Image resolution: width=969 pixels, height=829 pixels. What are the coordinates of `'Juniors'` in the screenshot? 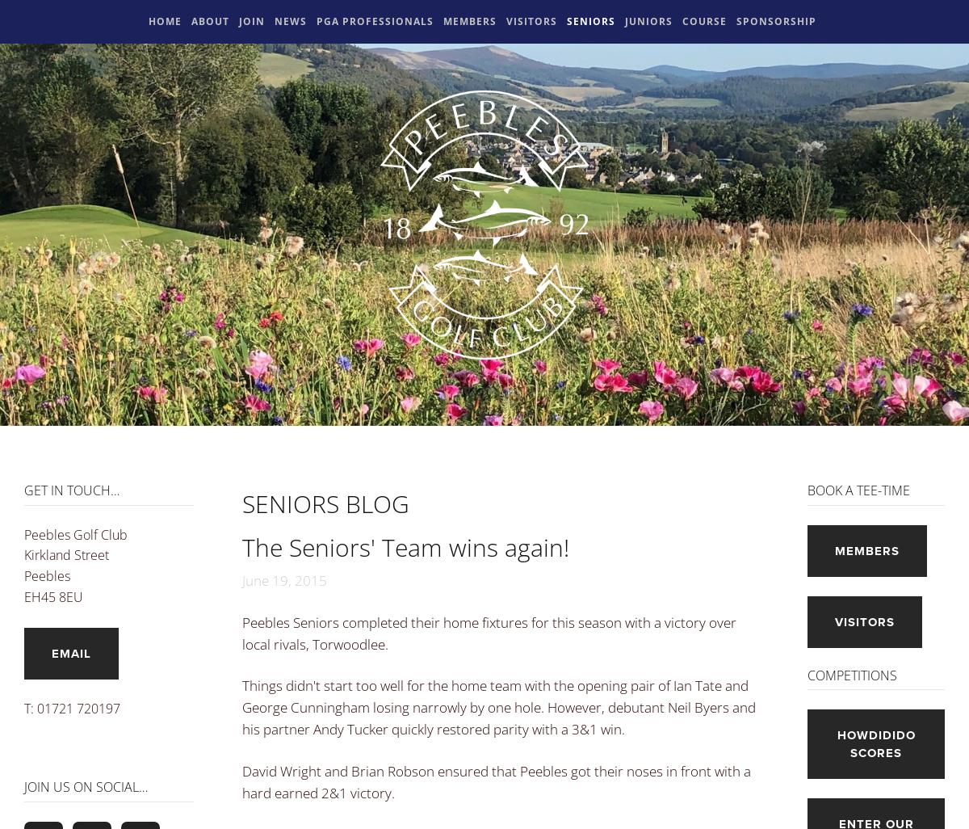 It's located at (648, 21).